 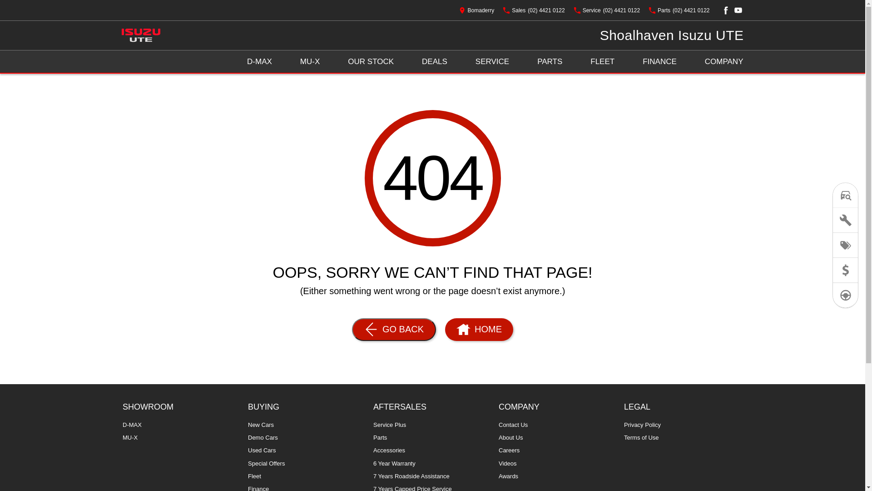 I want to click on 'Special Offers', so click(x=266, y=466).